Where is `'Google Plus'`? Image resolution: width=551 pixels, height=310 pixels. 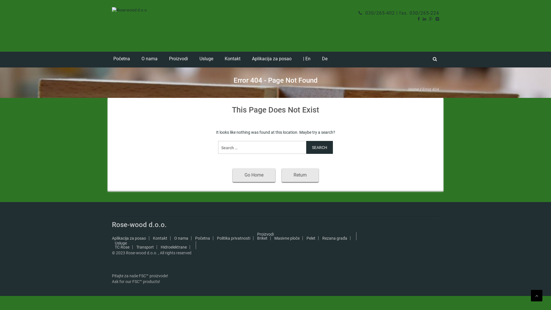 'Google Plus' is located at coordinates (431, 18).